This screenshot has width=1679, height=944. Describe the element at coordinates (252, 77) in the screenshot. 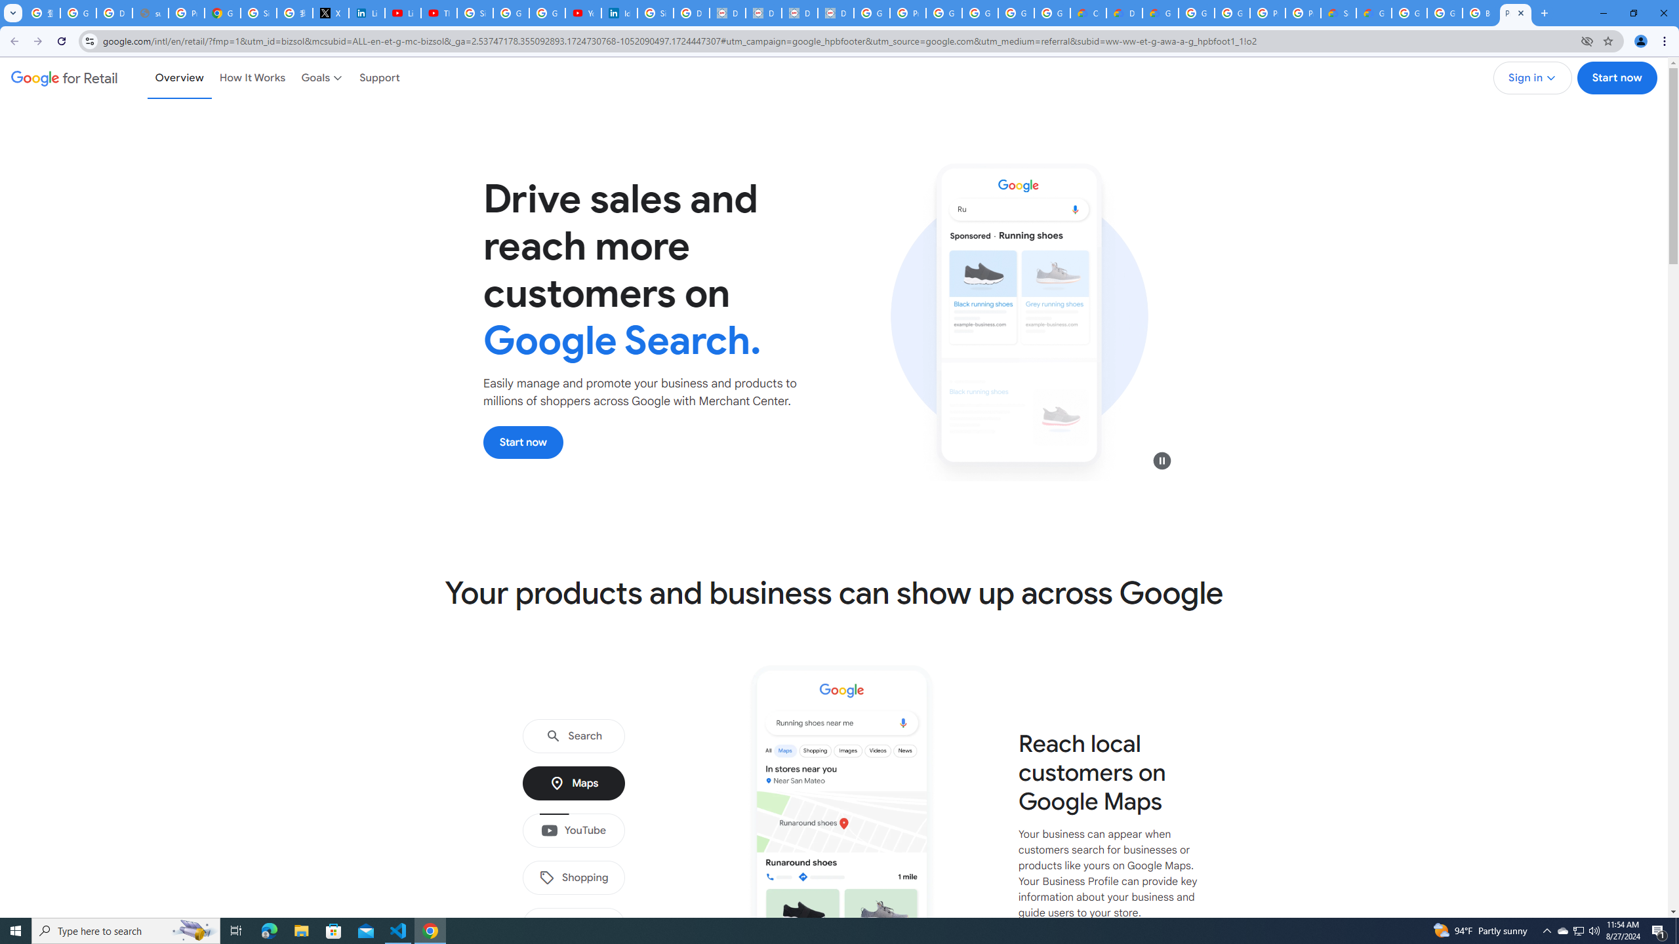

I see `'How It Works'` at that location.